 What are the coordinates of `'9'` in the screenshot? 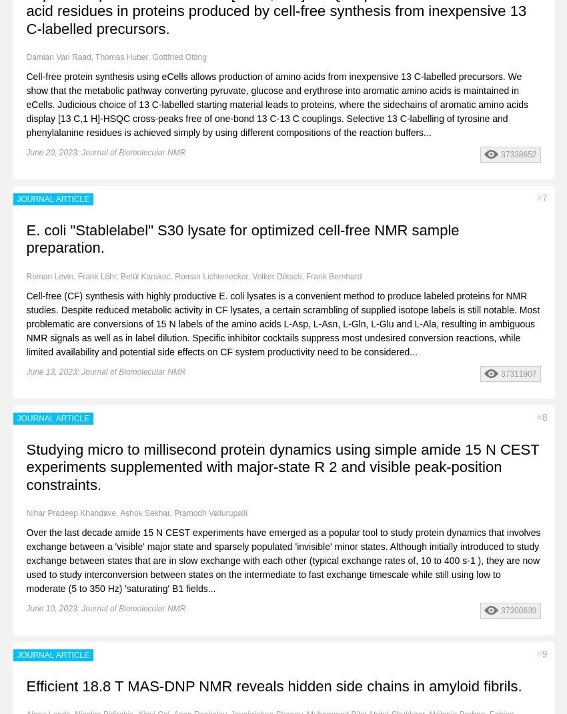 It's located at (544, 653).